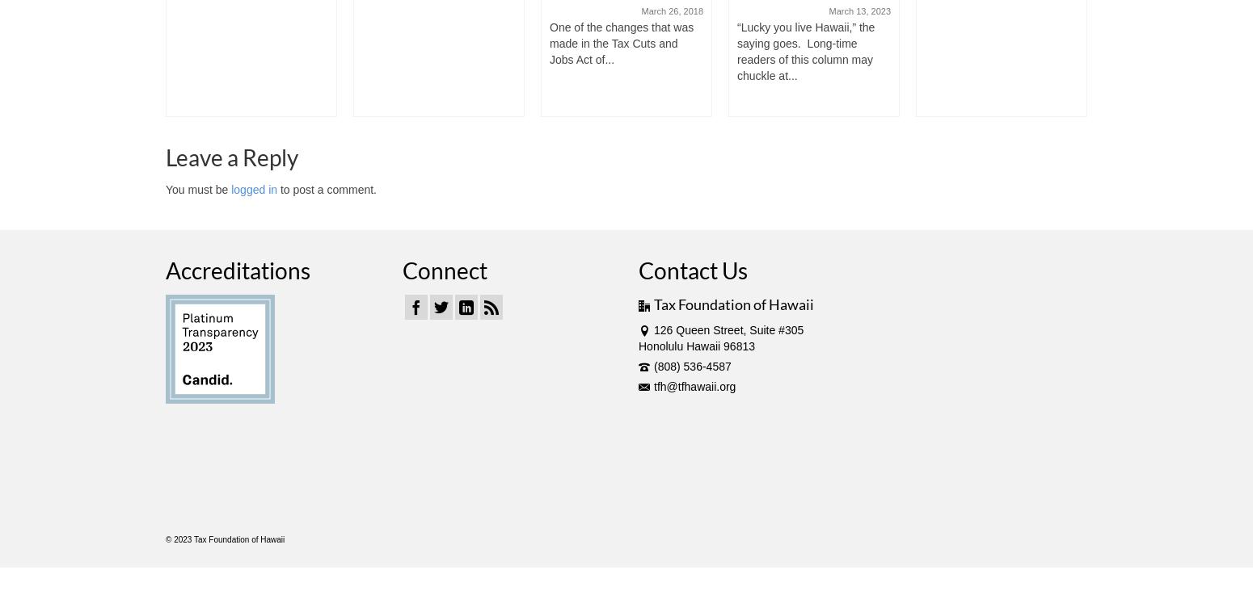 This screenshot has width=1253, height=612. I want to click on 'June 5, 2017', so click(89, 10).